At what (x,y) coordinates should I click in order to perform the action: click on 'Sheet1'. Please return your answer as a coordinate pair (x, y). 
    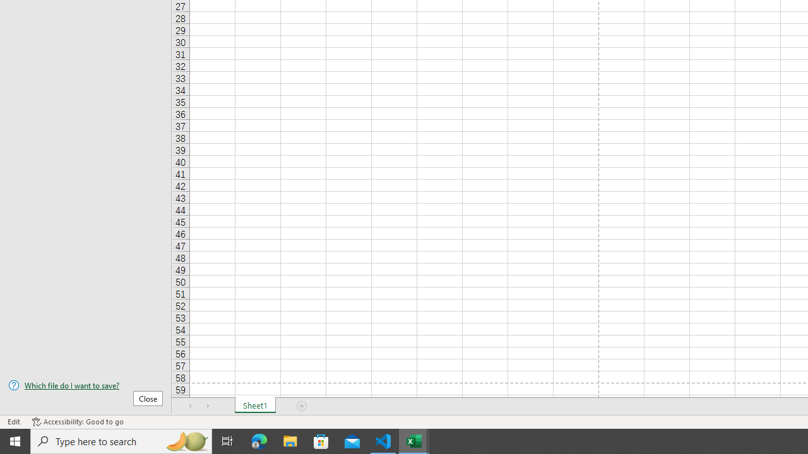
    Looking at the image, I should click on (254, 406).